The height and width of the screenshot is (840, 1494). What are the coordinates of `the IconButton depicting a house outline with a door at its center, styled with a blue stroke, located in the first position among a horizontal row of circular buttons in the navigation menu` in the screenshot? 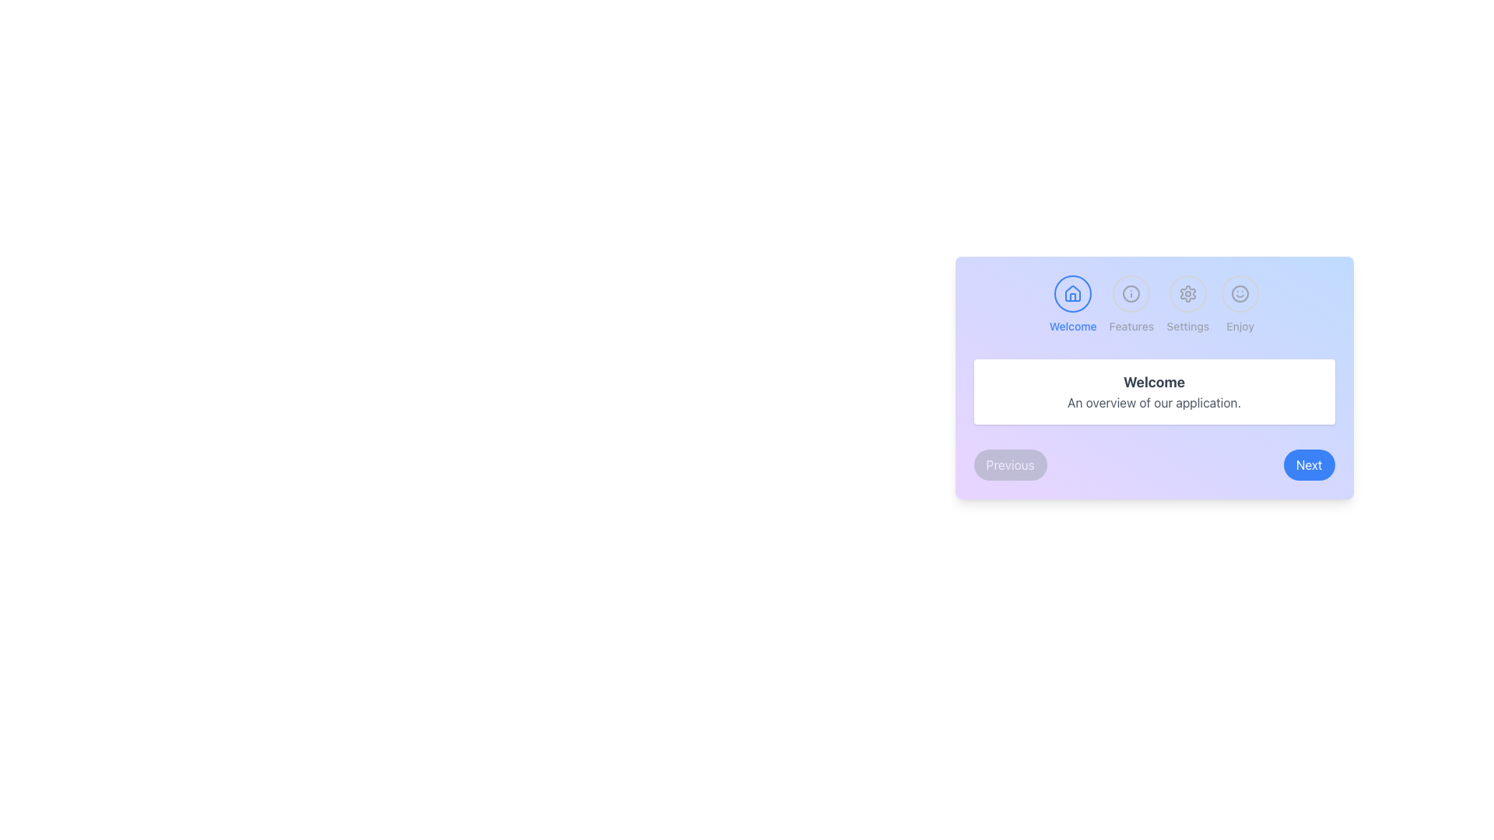 It's located at (1072, 294).